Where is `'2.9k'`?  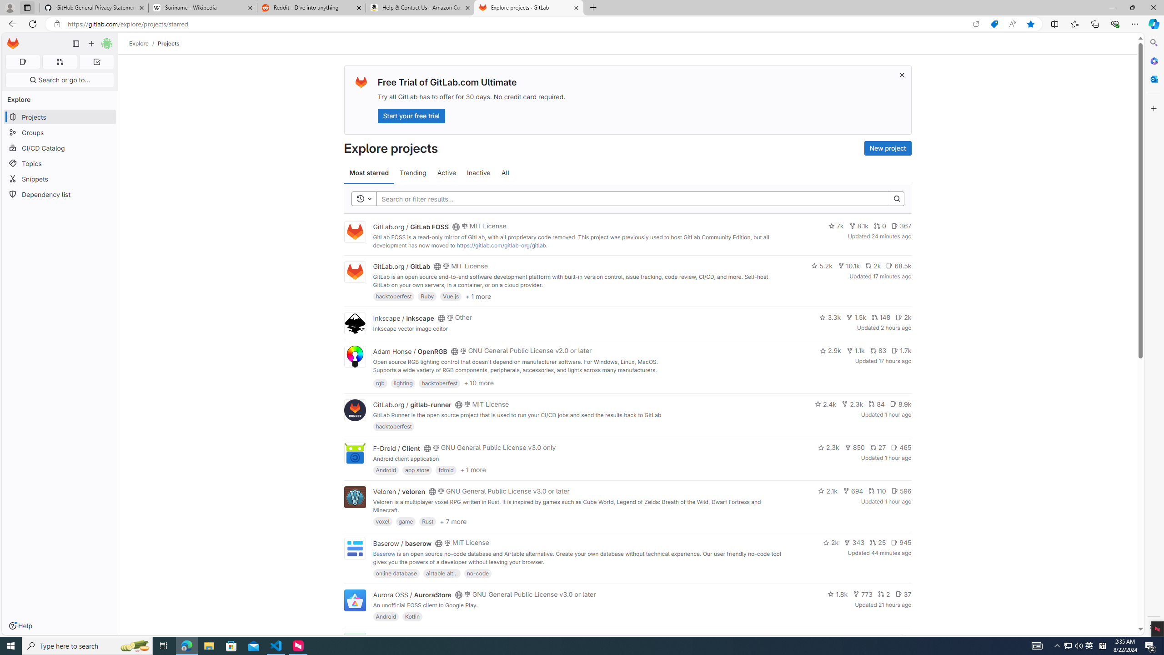
'2.9k' is located at coordinates (830, 350).